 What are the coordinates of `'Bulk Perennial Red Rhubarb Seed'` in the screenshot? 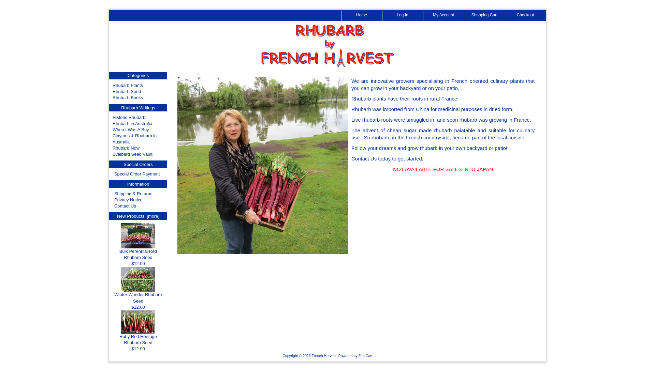 It's located at (138, 252).